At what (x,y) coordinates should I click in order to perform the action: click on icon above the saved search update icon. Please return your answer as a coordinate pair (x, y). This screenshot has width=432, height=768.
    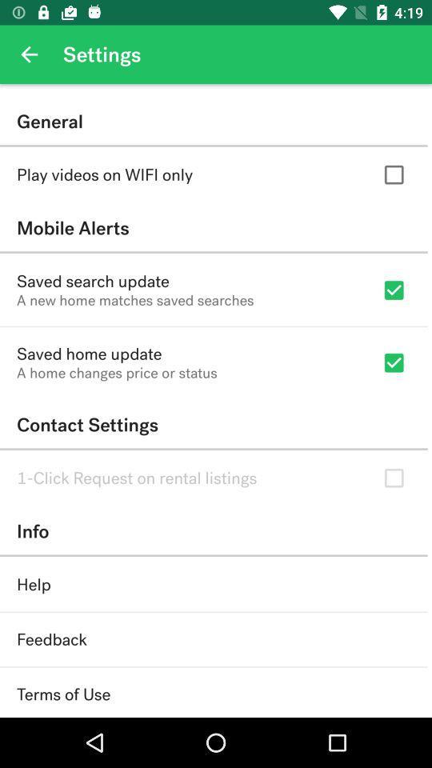
    Looking at the image, I should click on (214, 227).